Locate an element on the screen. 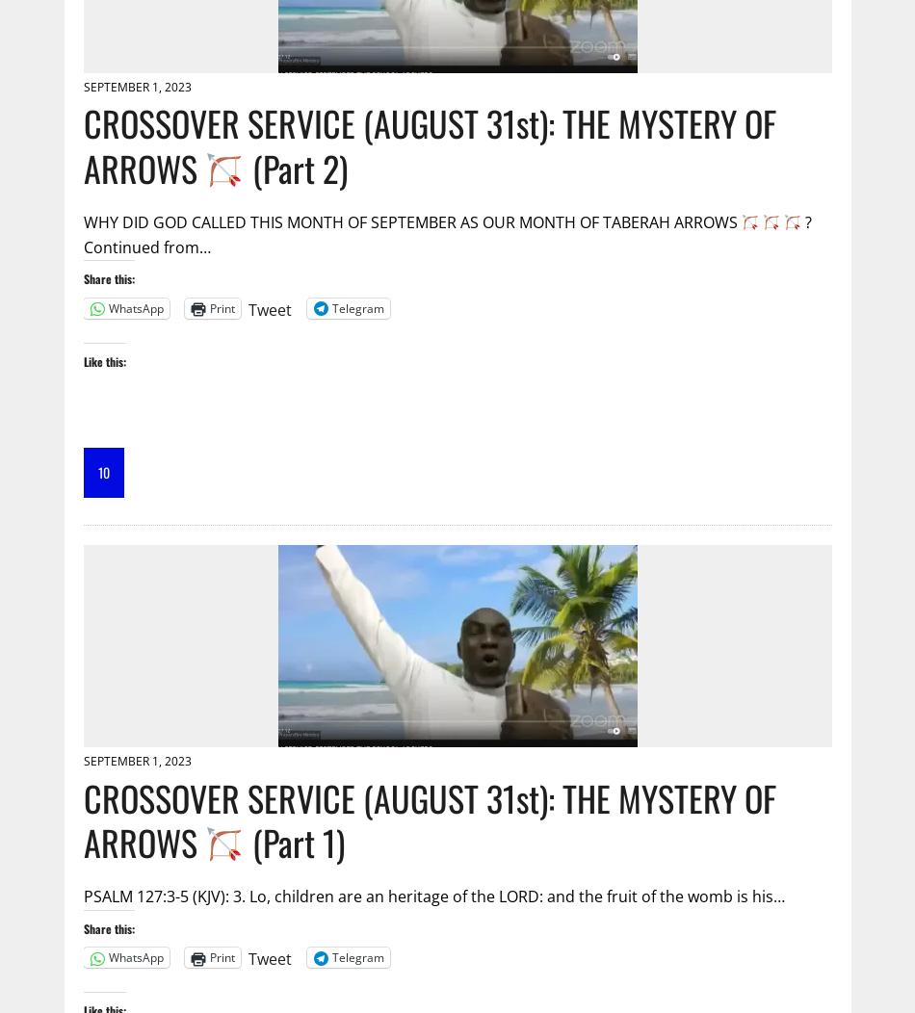  '? Continued from…' is located at coordinates (446, 233).